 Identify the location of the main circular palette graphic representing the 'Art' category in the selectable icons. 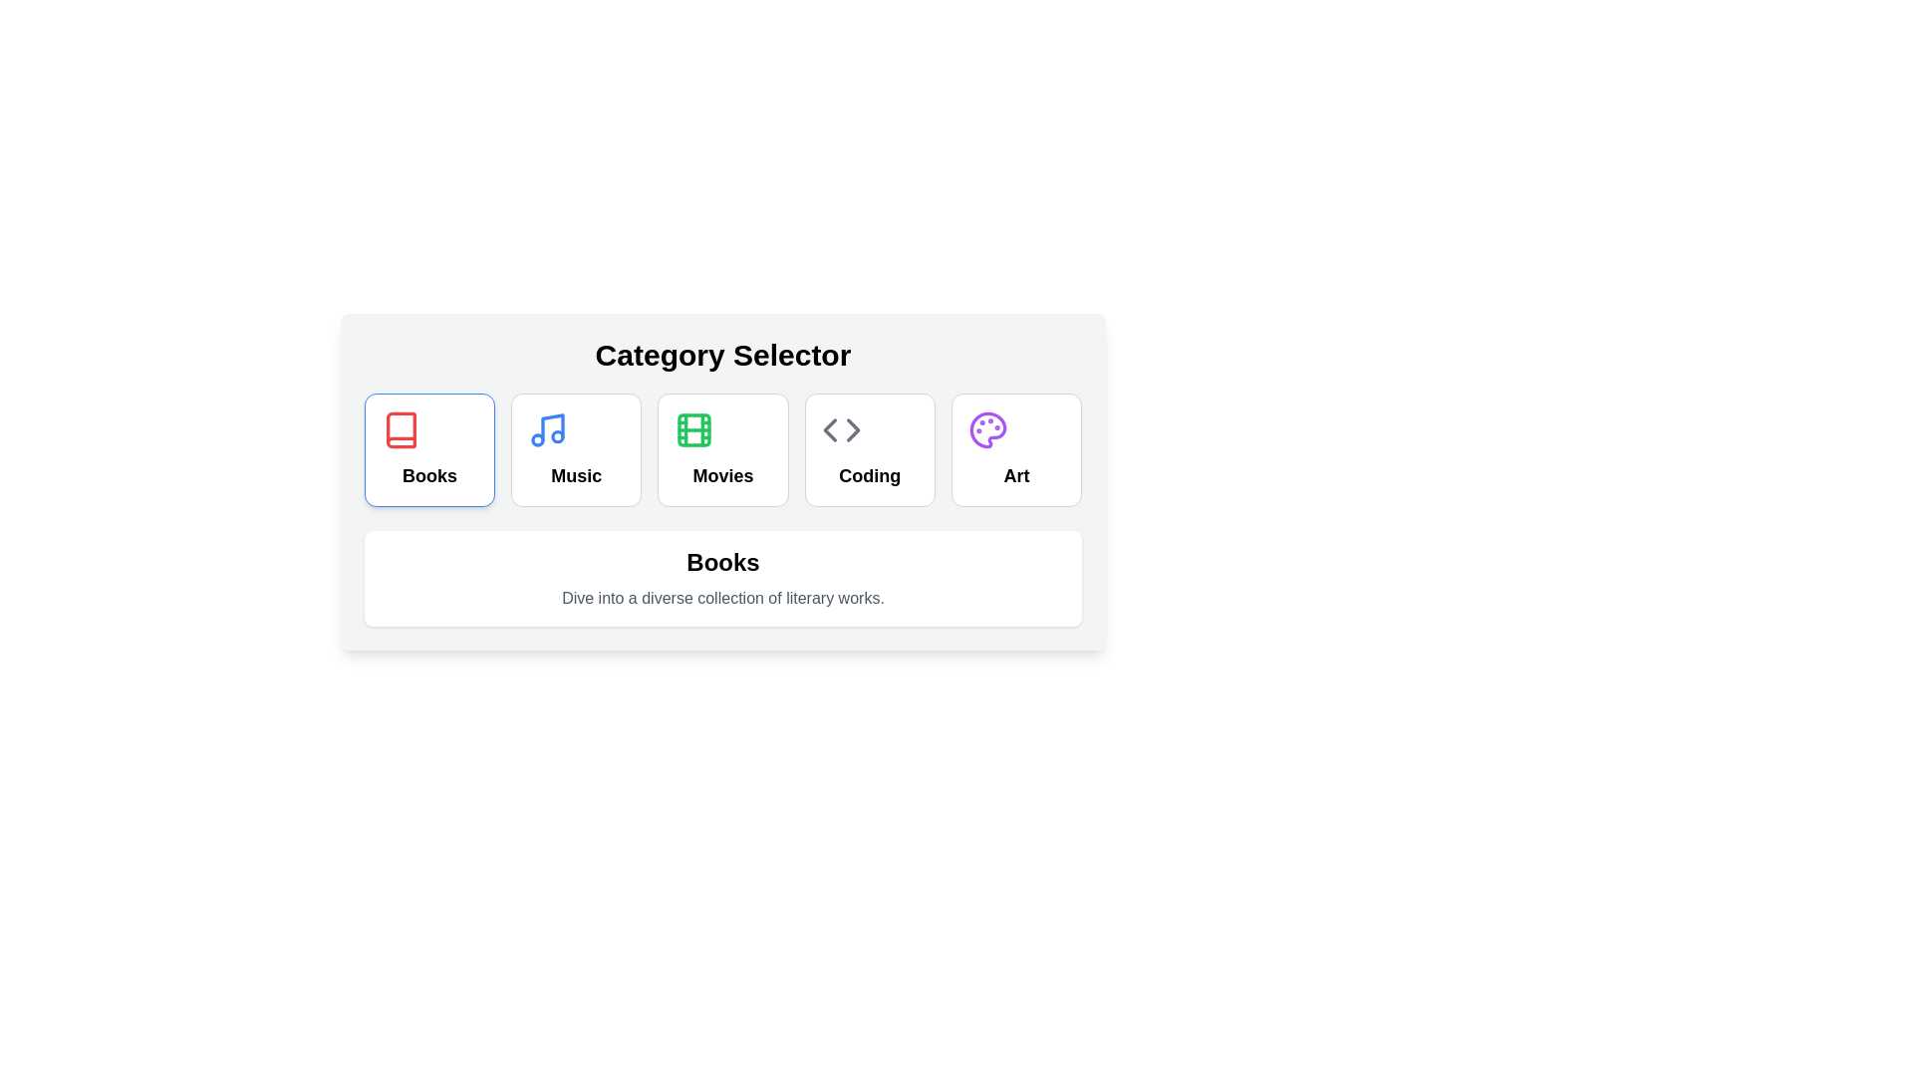
(987, 429).